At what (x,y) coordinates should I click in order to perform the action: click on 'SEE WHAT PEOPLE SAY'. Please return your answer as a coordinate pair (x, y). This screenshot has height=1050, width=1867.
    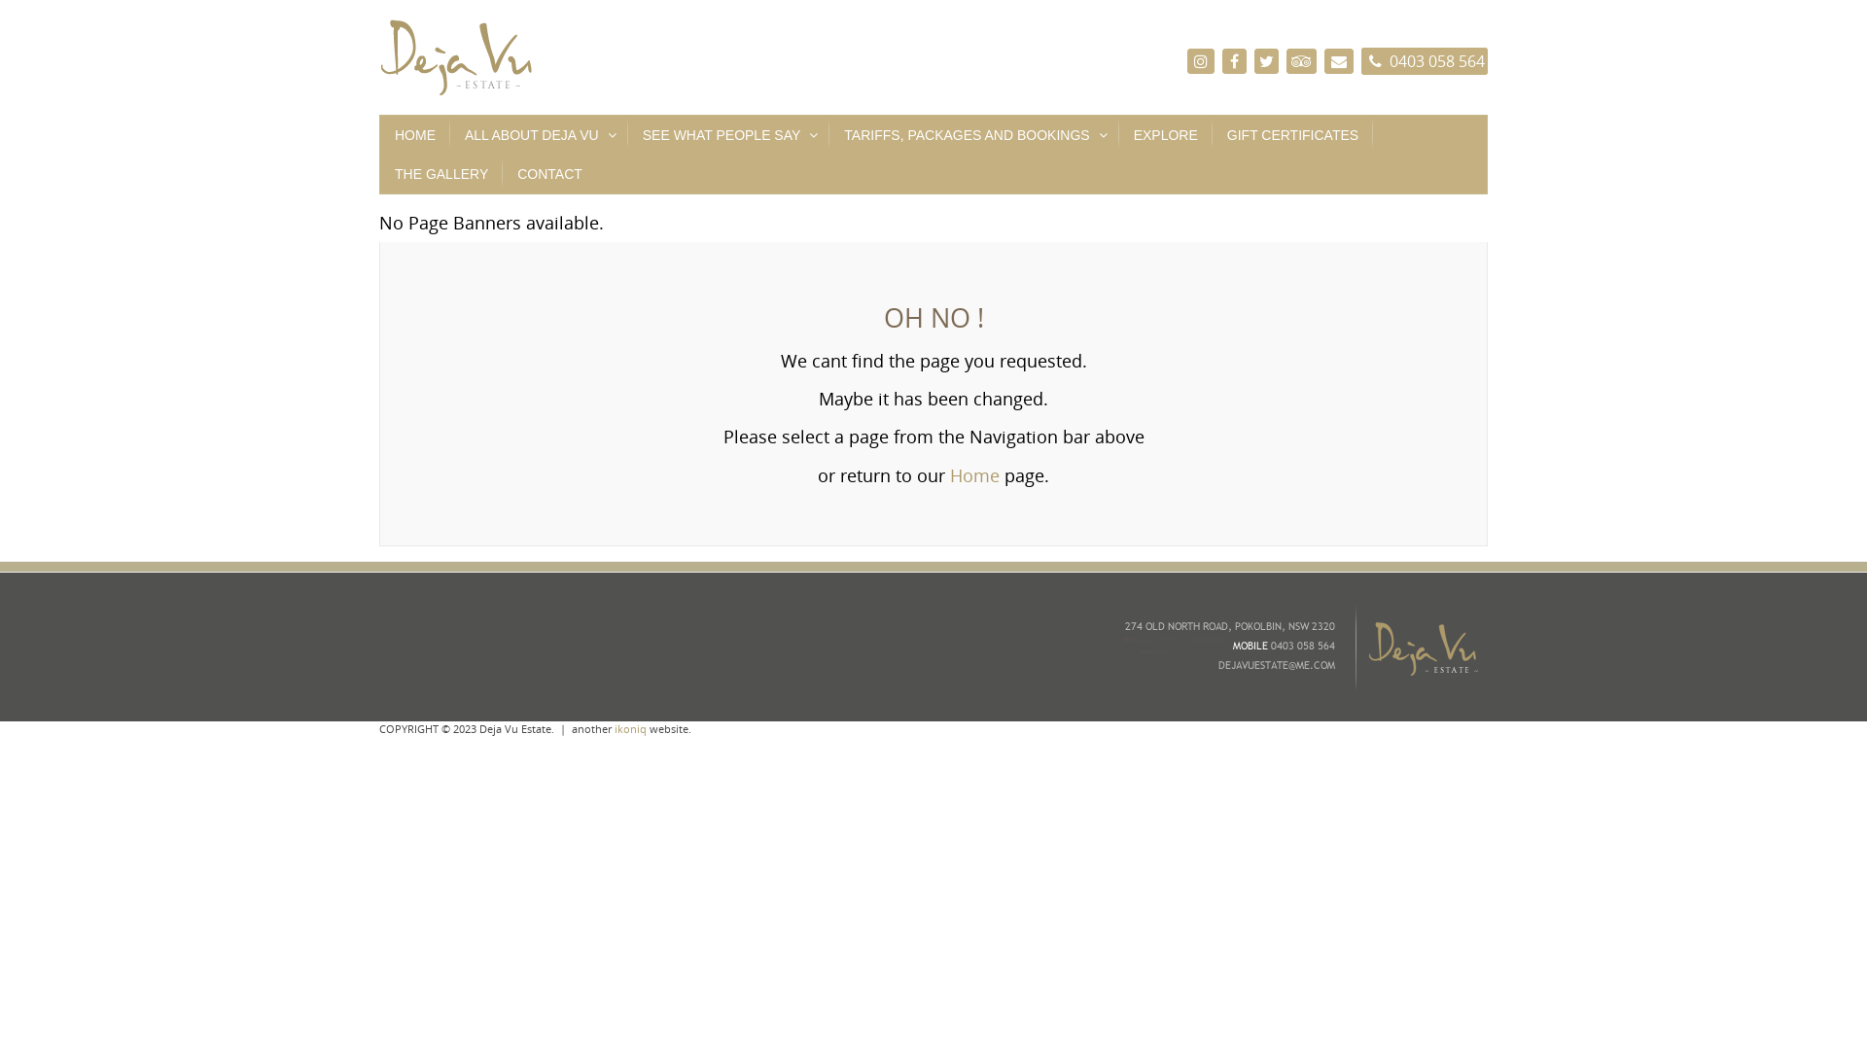
    Looking at the image, I should click on (727, 133).